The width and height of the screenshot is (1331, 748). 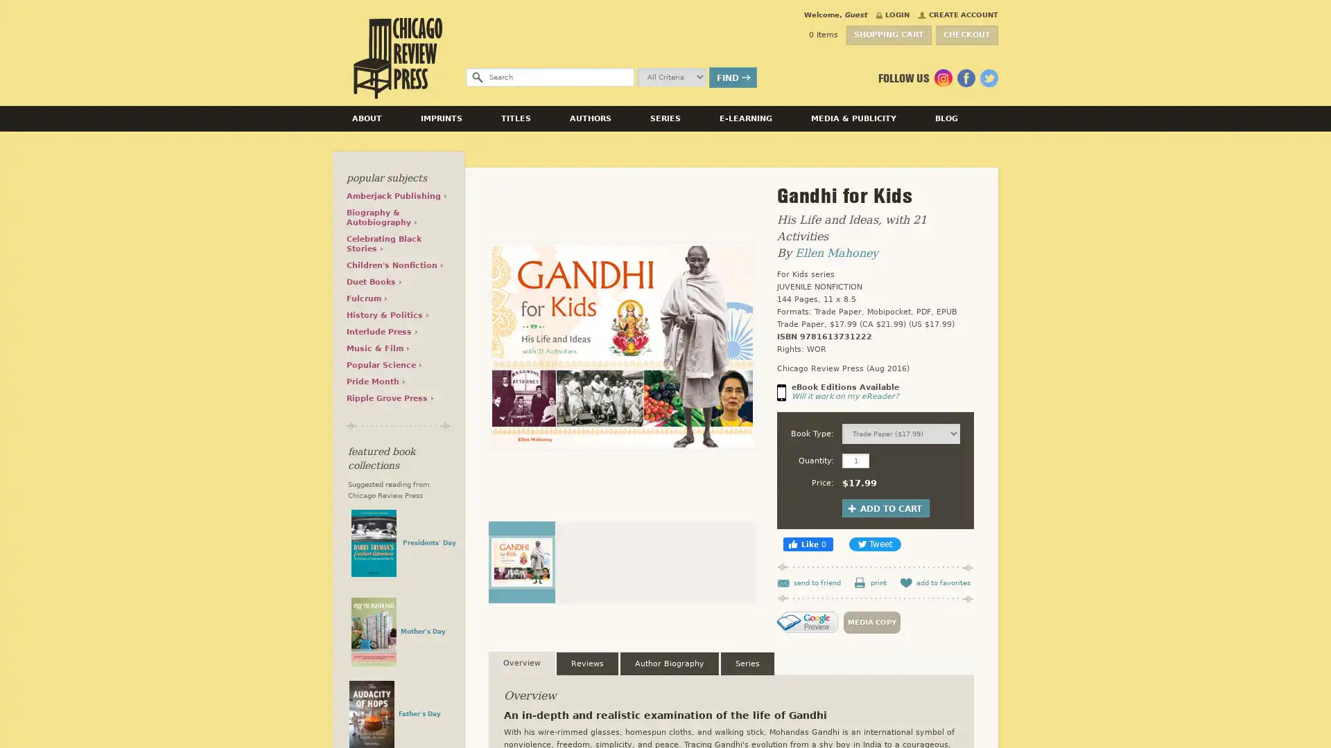 What do you see at coordinates (732, 77) in the screenshot?
I see `FIND` at bounding box center [732, 77].